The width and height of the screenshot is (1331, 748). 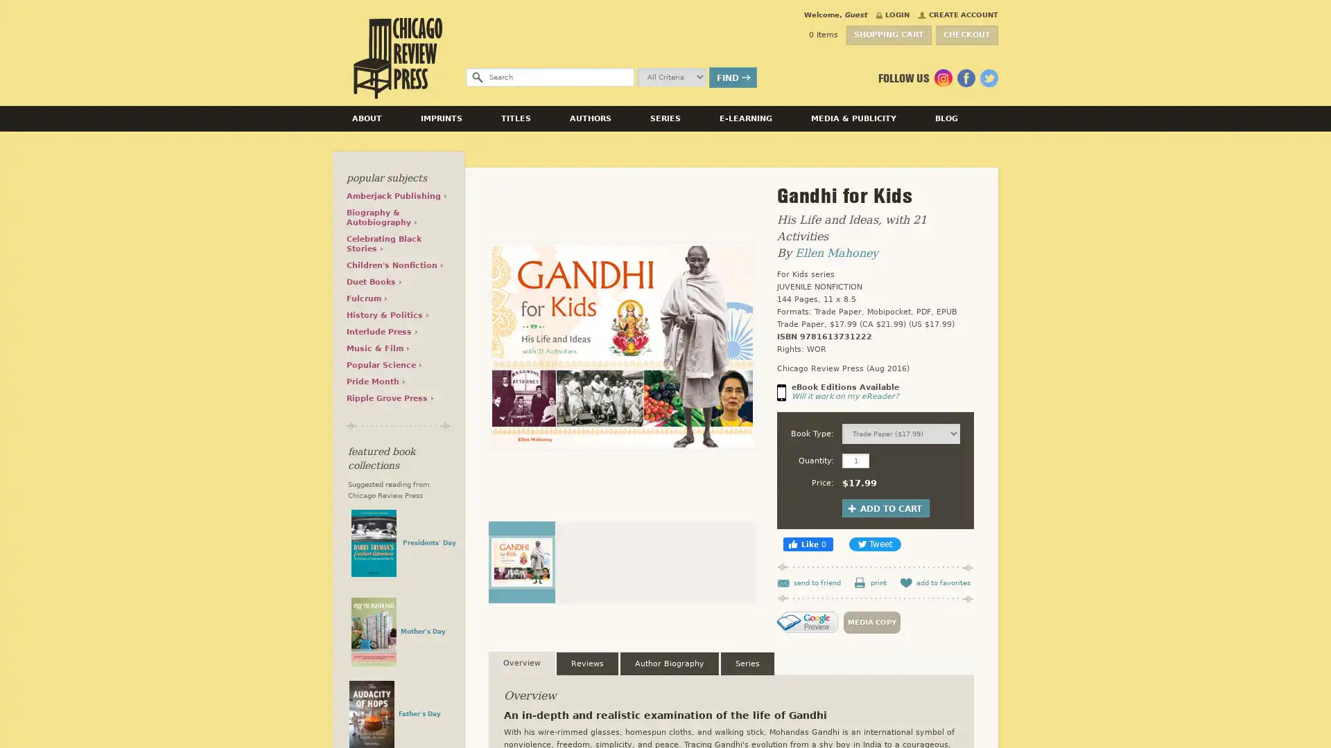 What do you see at coordinates (732, 77) in the screenshot?
I see `FIND` at bounding box center [732, 77].